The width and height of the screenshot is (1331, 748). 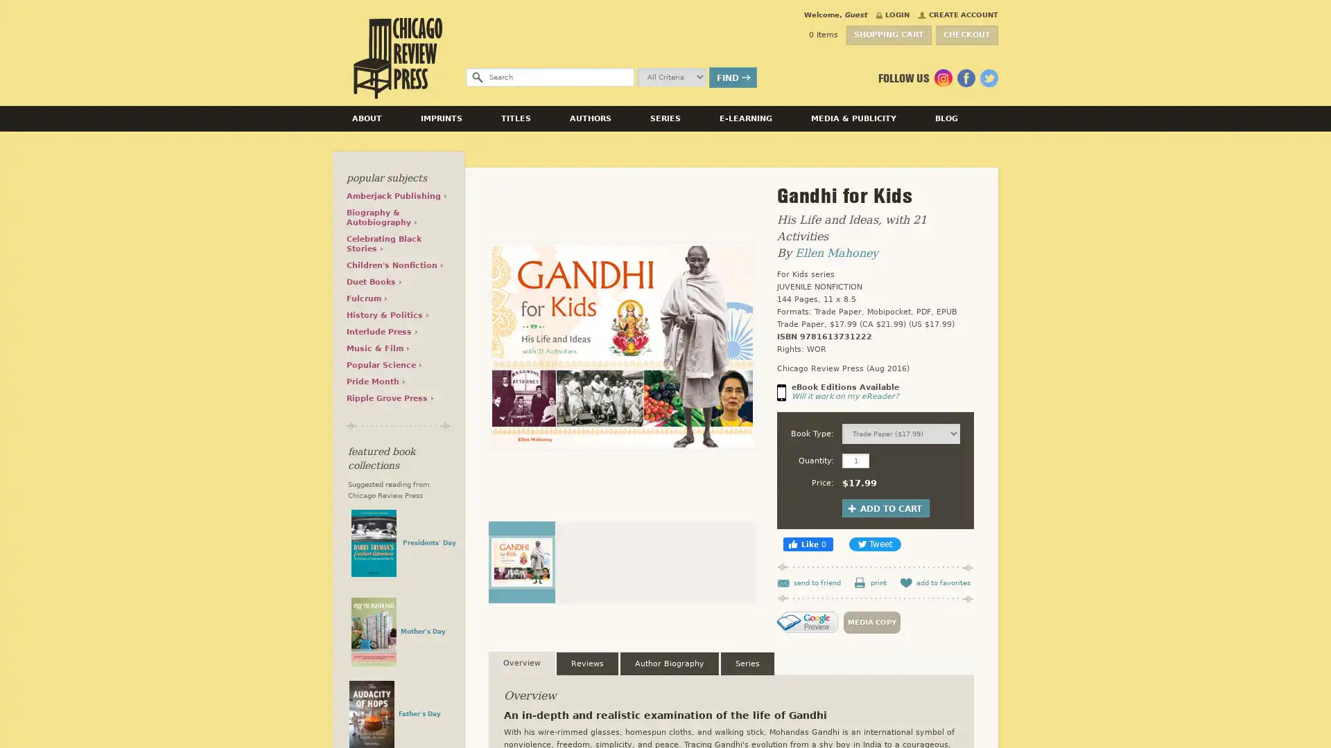 What do you see at coordinates (732, 77) in the screenshot?
I see `FIND` at bounding box center [732, 77].